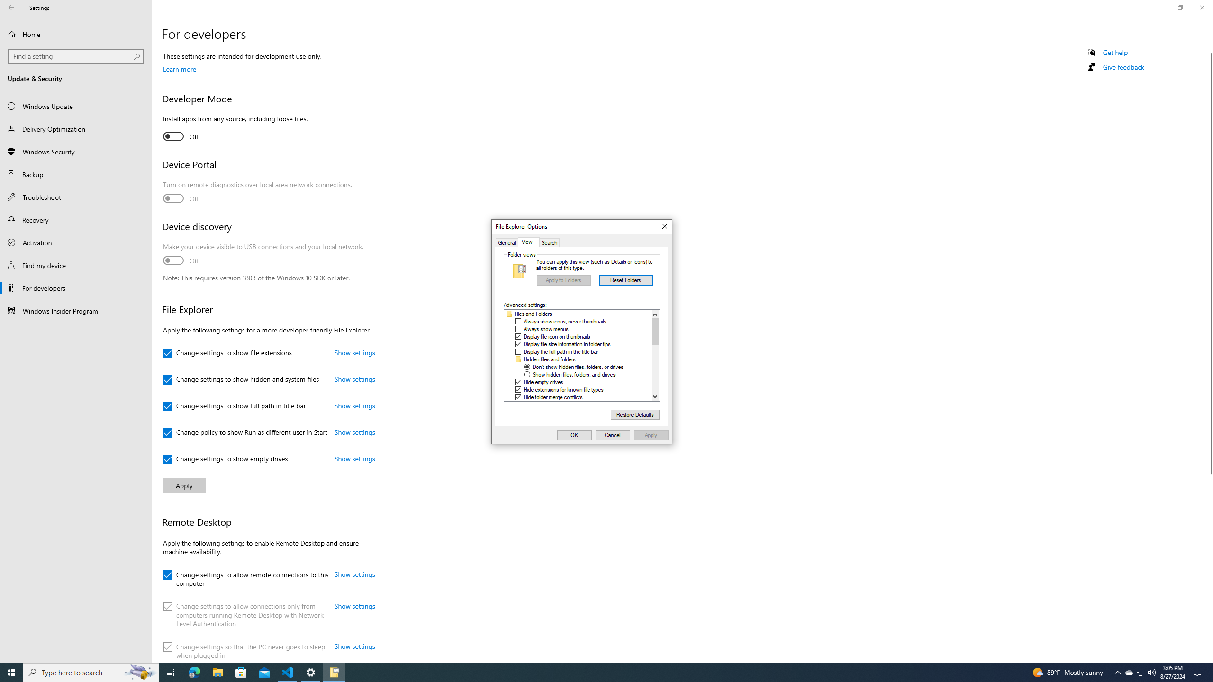  I want to click on 'Action Center, No new notifications', so click(1199, 672).